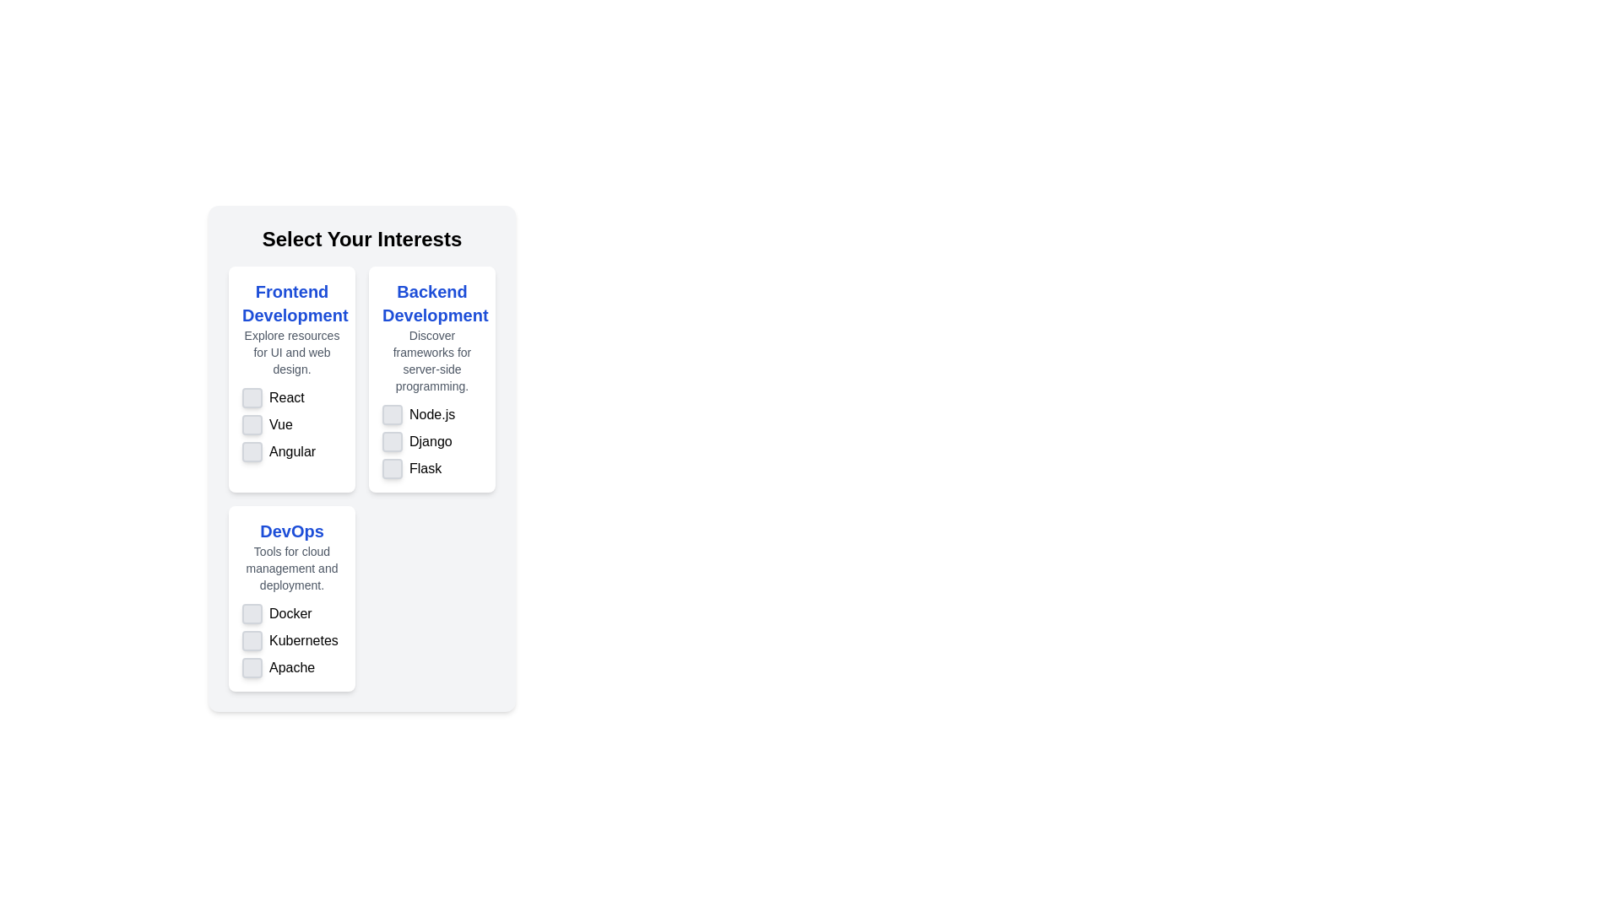 The width and height of the screenshot is (1621, 911). Describe the element at coordinates (392, 441) in the screenshot. I see `the checkbox` at that location.